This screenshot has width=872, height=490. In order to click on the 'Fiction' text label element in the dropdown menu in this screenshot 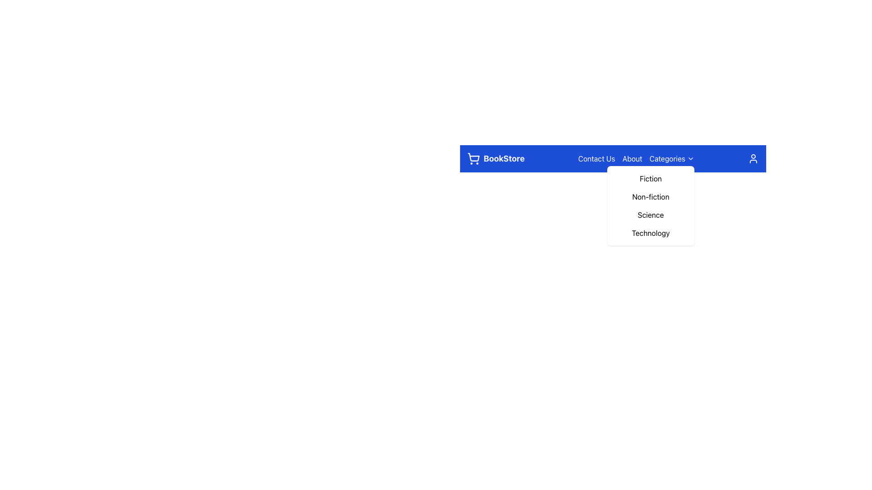, I will do `click(650, 178)`.